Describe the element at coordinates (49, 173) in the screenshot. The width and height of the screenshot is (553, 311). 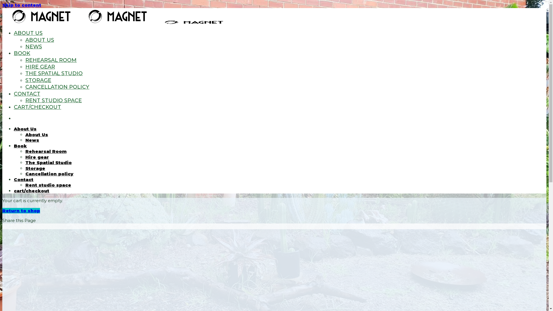
I see `'Cancellation policy'` at that location.